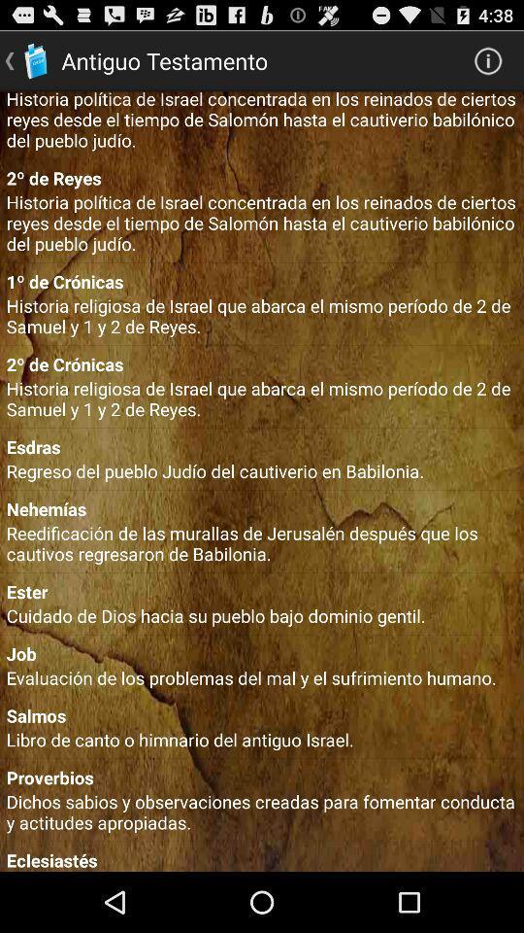 The image size is (524, 933). What do you see at coordinates (262, 591) in the screenshot?
I see `the ester` at bounding box center [262, 591].